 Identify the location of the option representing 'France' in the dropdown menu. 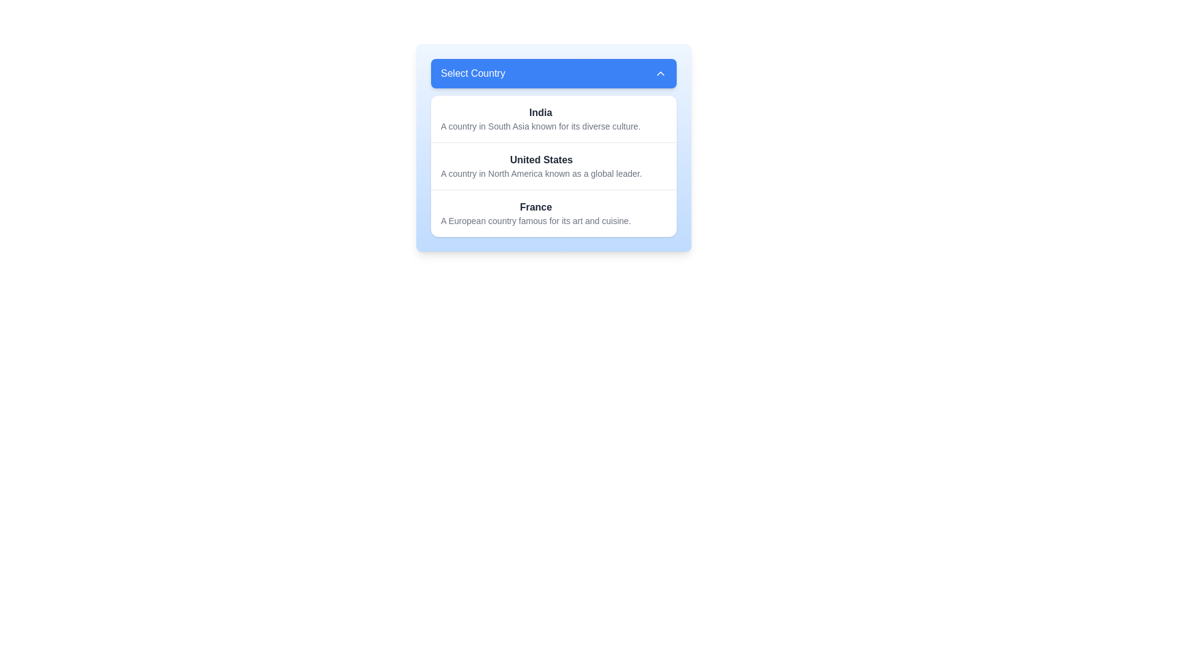
(535, 212).